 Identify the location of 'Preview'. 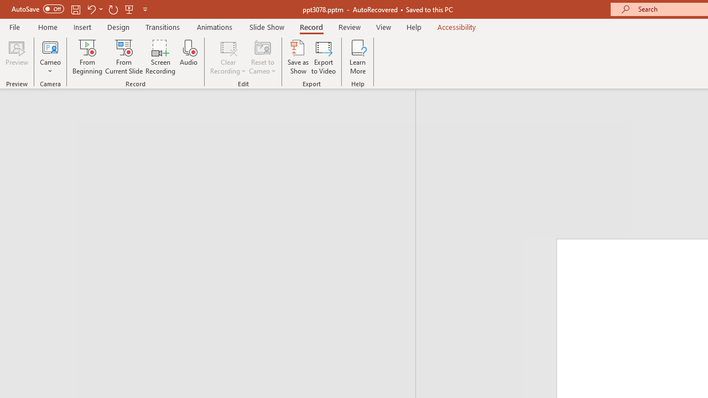
(17, 57).